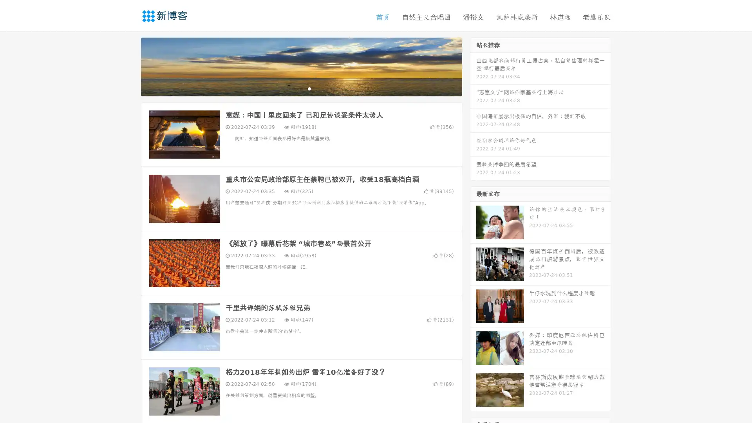 This screenshot has height=423, width=752. What do you see at coordinates (309, 88) in the screenshot?
I see `Go to slide 3` at bounding box center [309, 88].